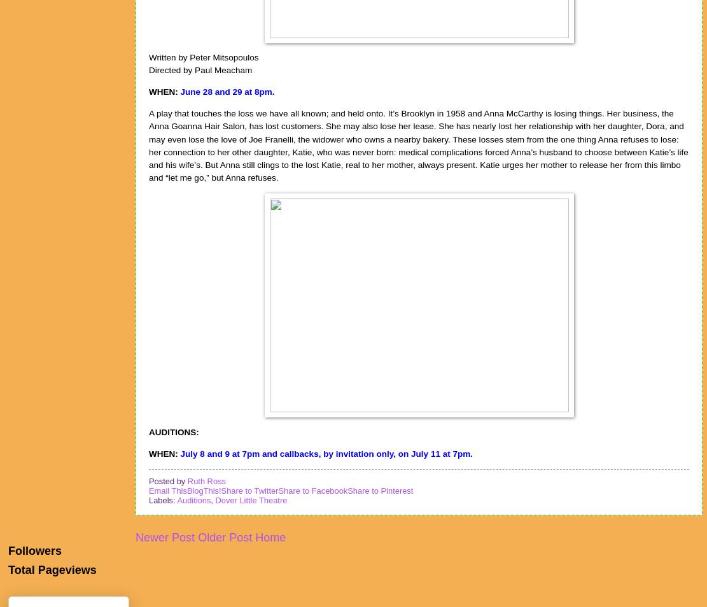  Describe the element at coordinates (418, 144) in the screenshot. I see `'A play that touches the loss we have all known; and held onto. It’s Brooklyn in 1958 and Anna McCarthy is losing things. Her business, the Anna Goanna Hair Salon, has lost customers. She may also lose her lease. She has nearly lost her relationship with her daughter, Dora, and may even lose the love of Joe Franelli, the widower who owns a nearby bakery. These losses stem from the one thing Anna refuses to lose: her connection to her other daughter, Katie, who was never born: medical complications forced Anna’s husband to choose between Katie’s life and his wife’s. But Anna still clings to the lost Katie, real to her mother, always present. Katie urges her mother to release her from this limbo and “let me go,” but Anna refuses.'` at that location.